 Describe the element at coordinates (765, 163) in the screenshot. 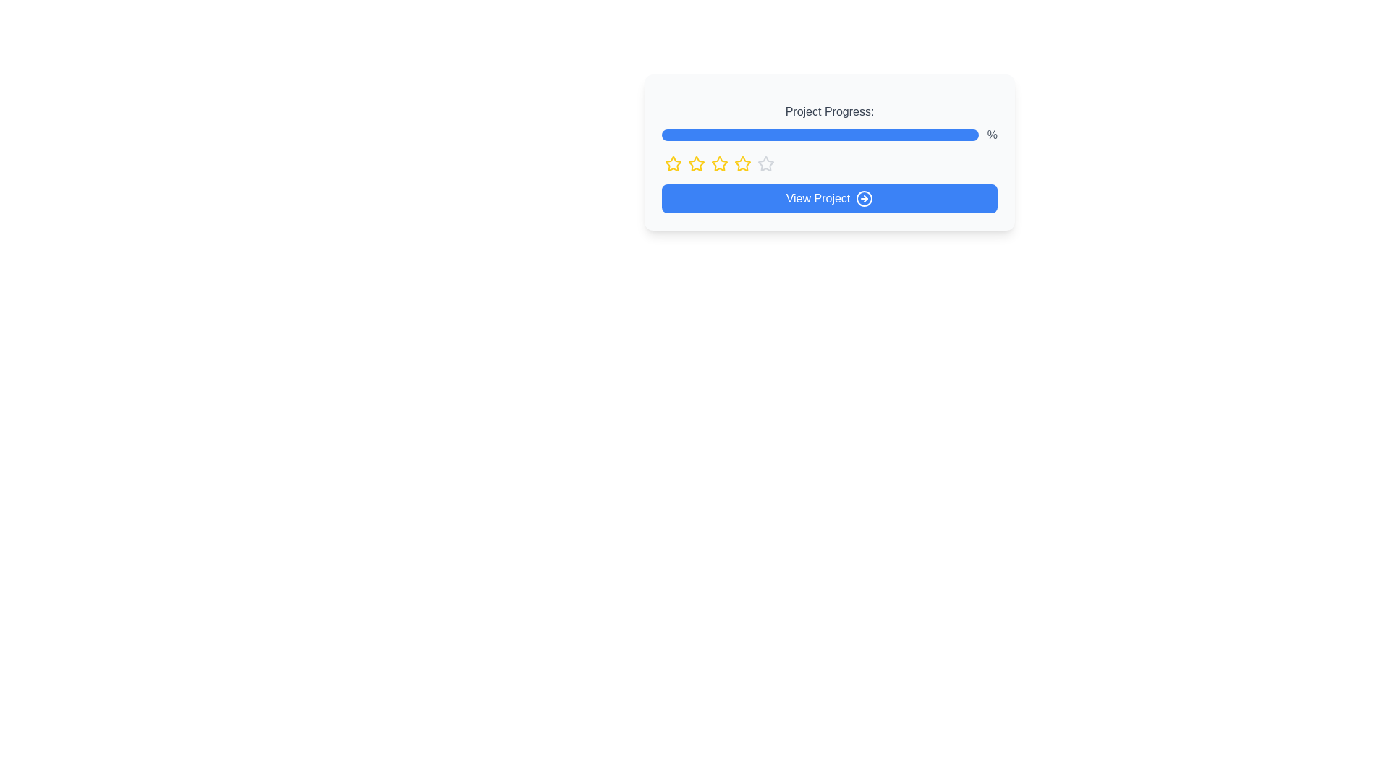

I see `the fifth star icon in the rating system` at that location.